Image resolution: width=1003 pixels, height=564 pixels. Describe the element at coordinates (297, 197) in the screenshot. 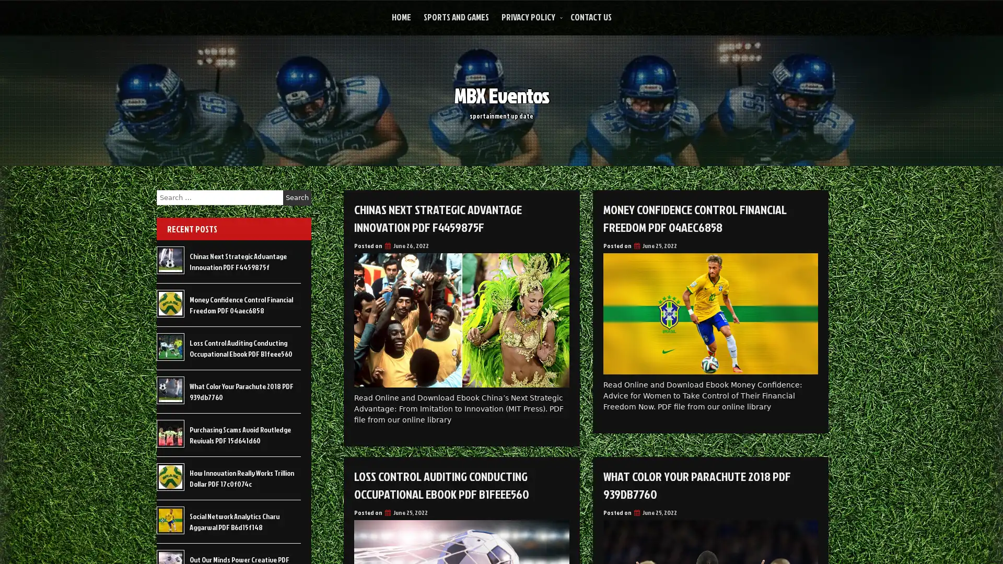

I see `Search` at that location.